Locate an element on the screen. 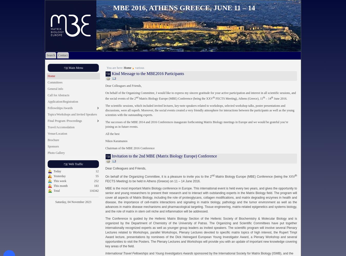  'Venue/Location' is located at coordinates (48, 134).